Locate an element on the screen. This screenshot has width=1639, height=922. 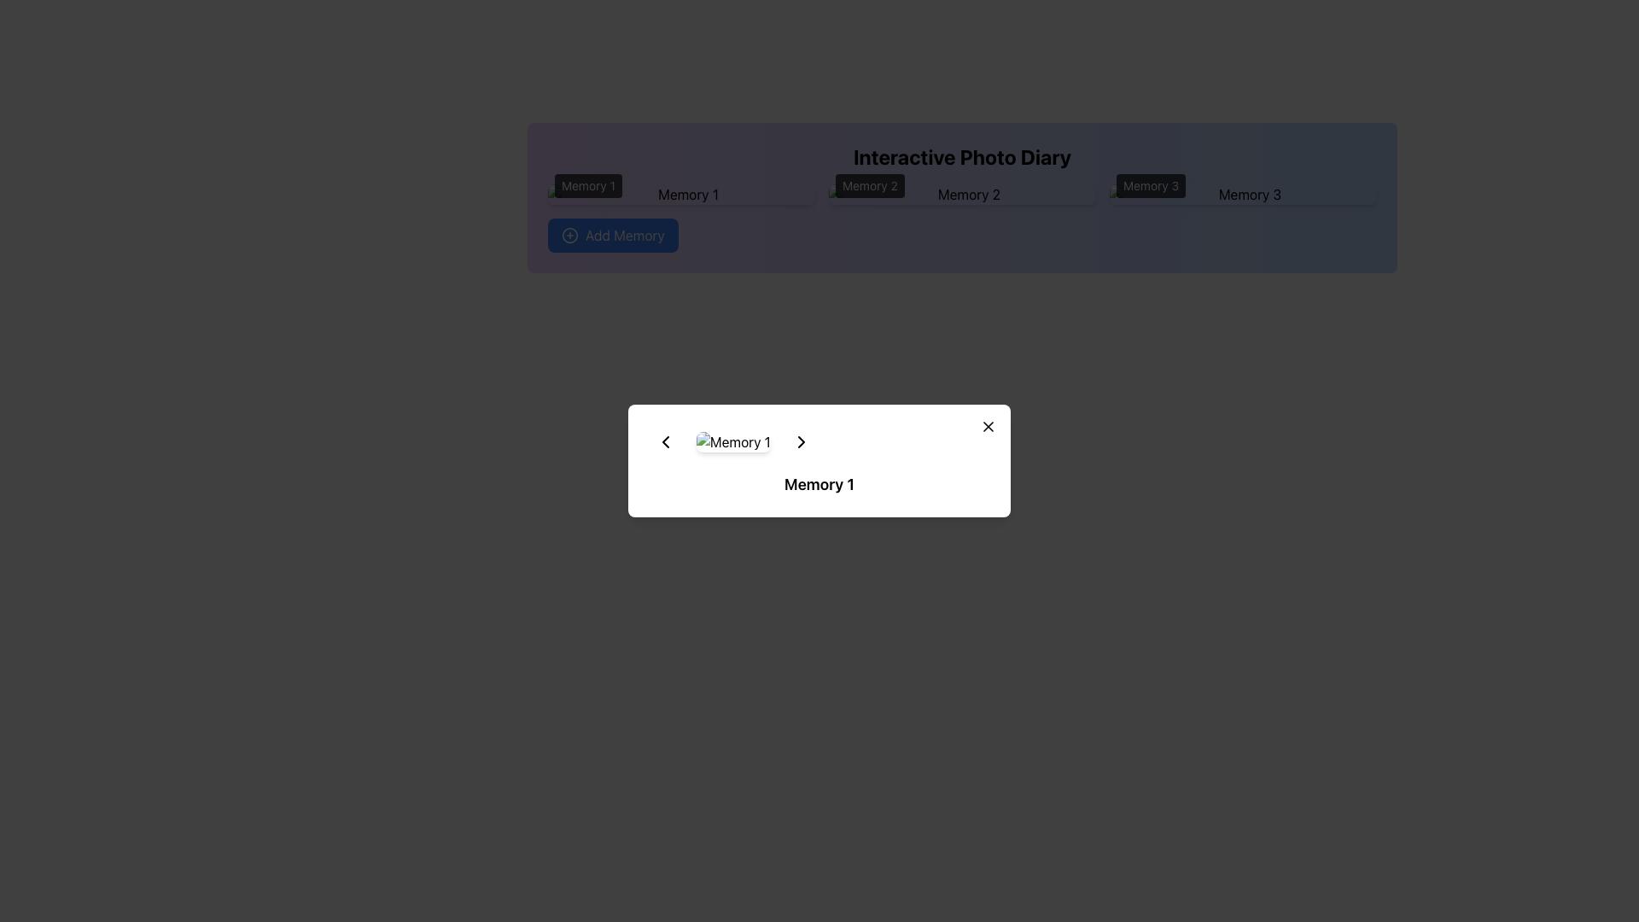
the icon located on the left side of the 'Add Memory' button, which visually communicates the action of adding a new memory is located at coordinates (569, 236).